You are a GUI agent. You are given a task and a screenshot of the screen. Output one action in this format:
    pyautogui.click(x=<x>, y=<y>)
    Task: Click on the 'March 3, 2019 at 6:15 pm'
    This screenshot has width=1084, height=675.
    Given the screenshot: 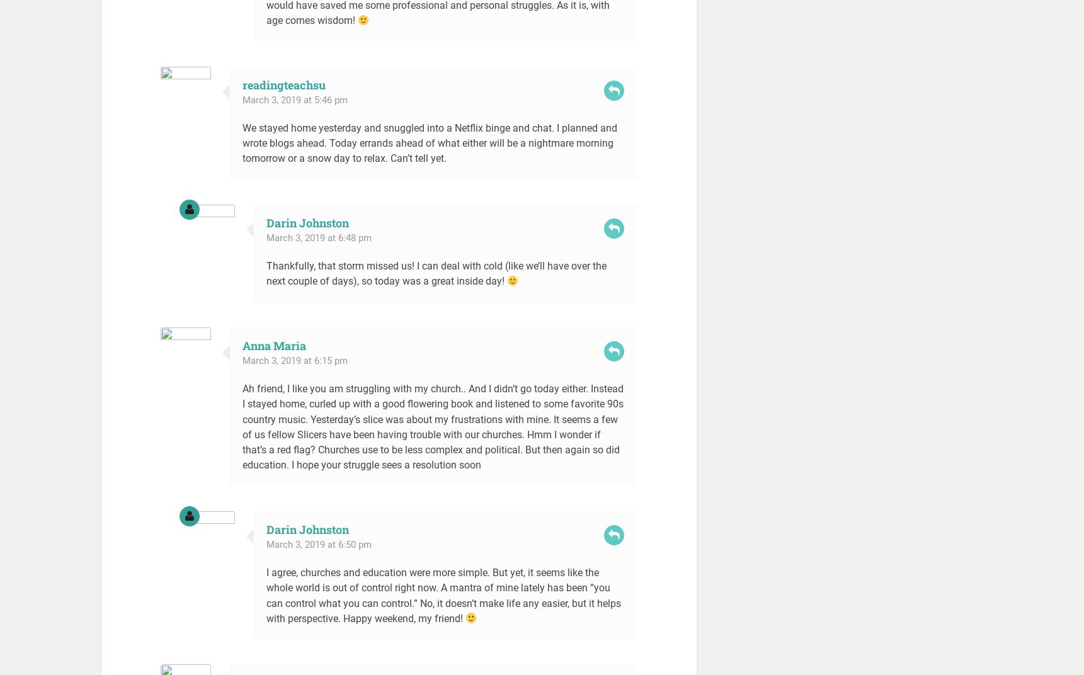 What is the action you would take?
    pyautogui.click(x=295, y=360)
    